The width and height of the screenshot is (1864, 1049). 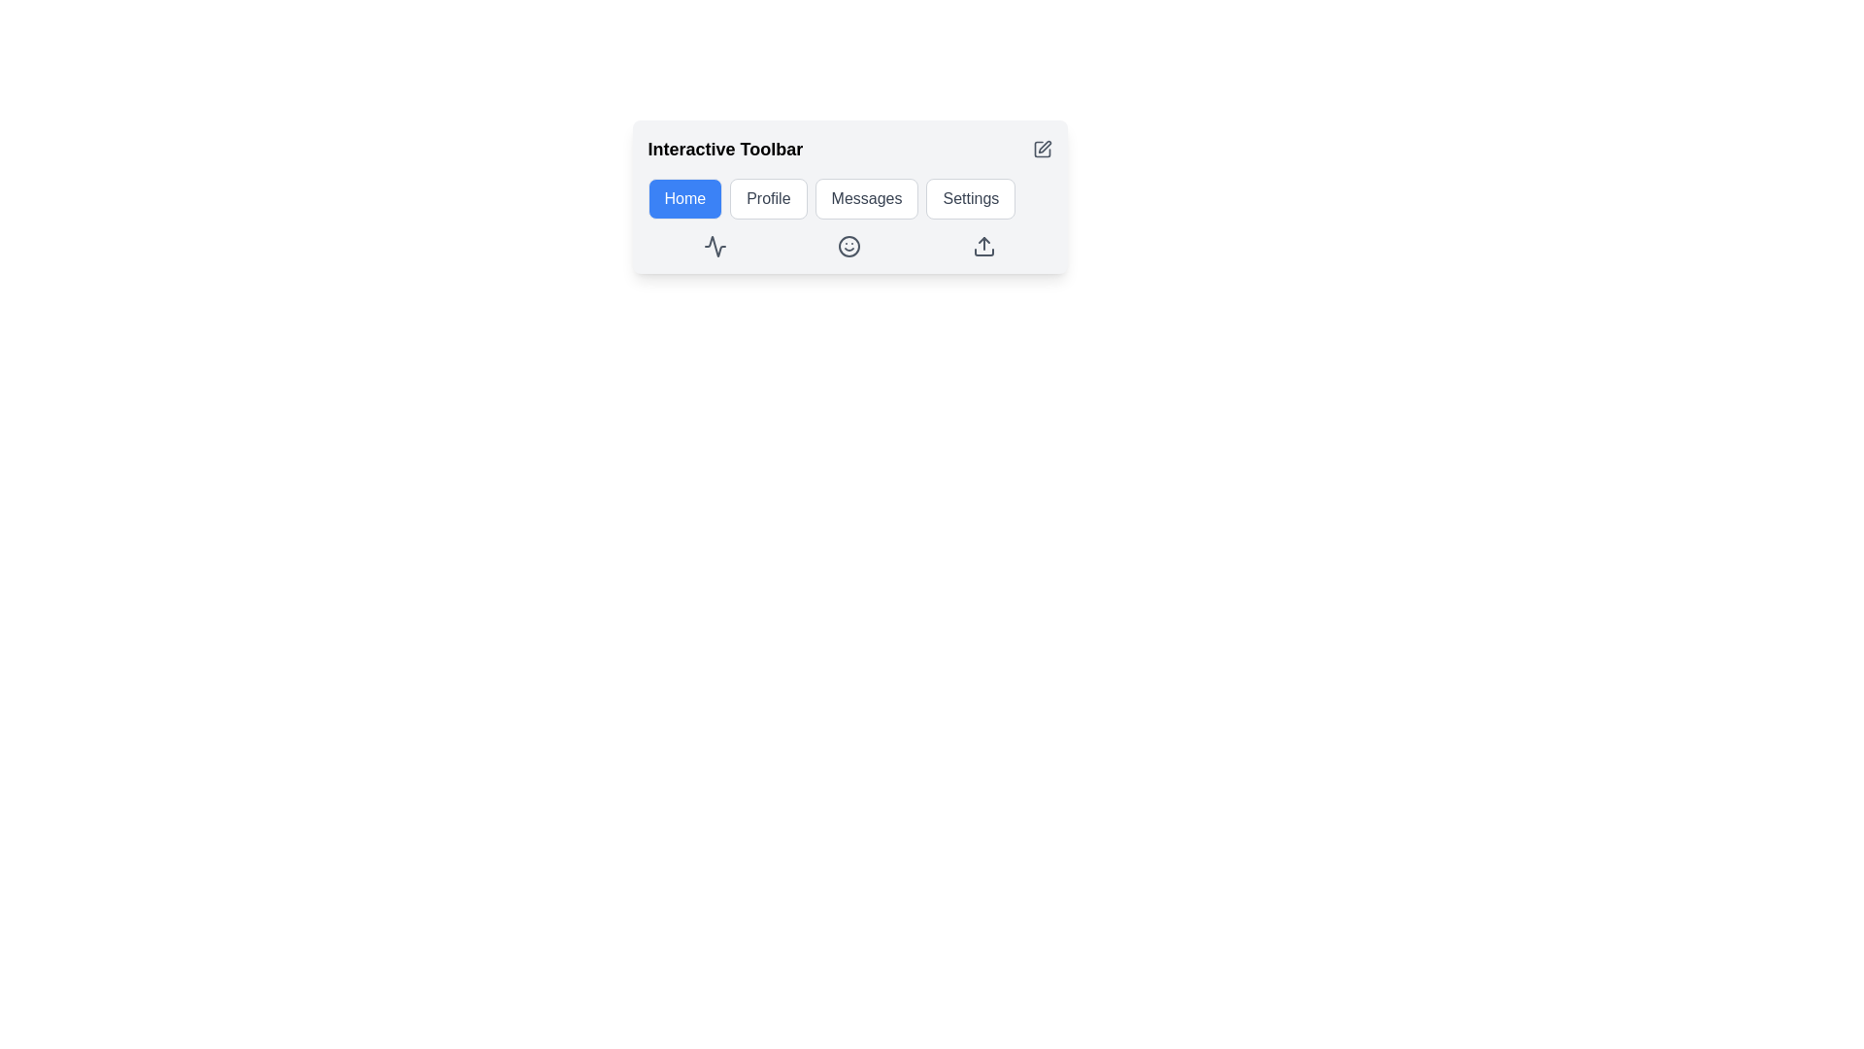 I want to click on the square-shaped icon button with a pencil icon, located in the top-right corner of the 'Interactive Toolbar', so click(x=1041, y=149).